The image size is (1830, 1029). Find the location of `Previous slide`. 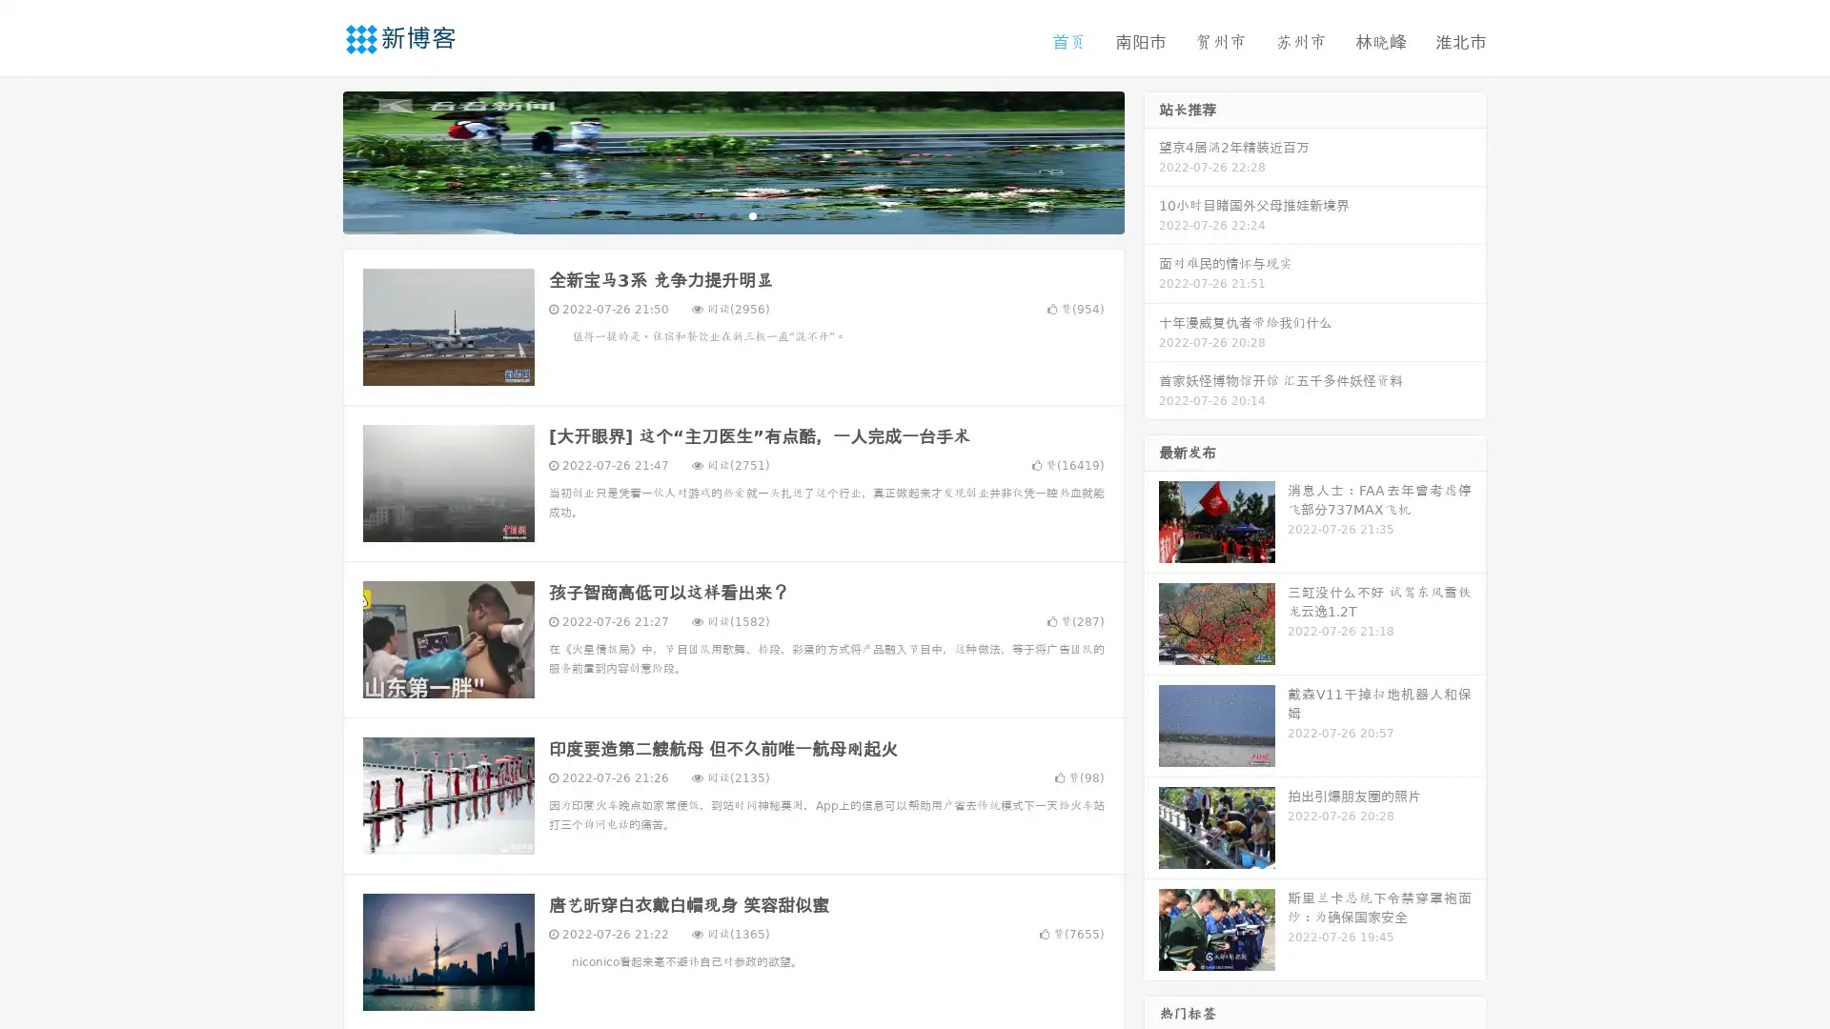

Previous slide is located at coordinates (315, 160).